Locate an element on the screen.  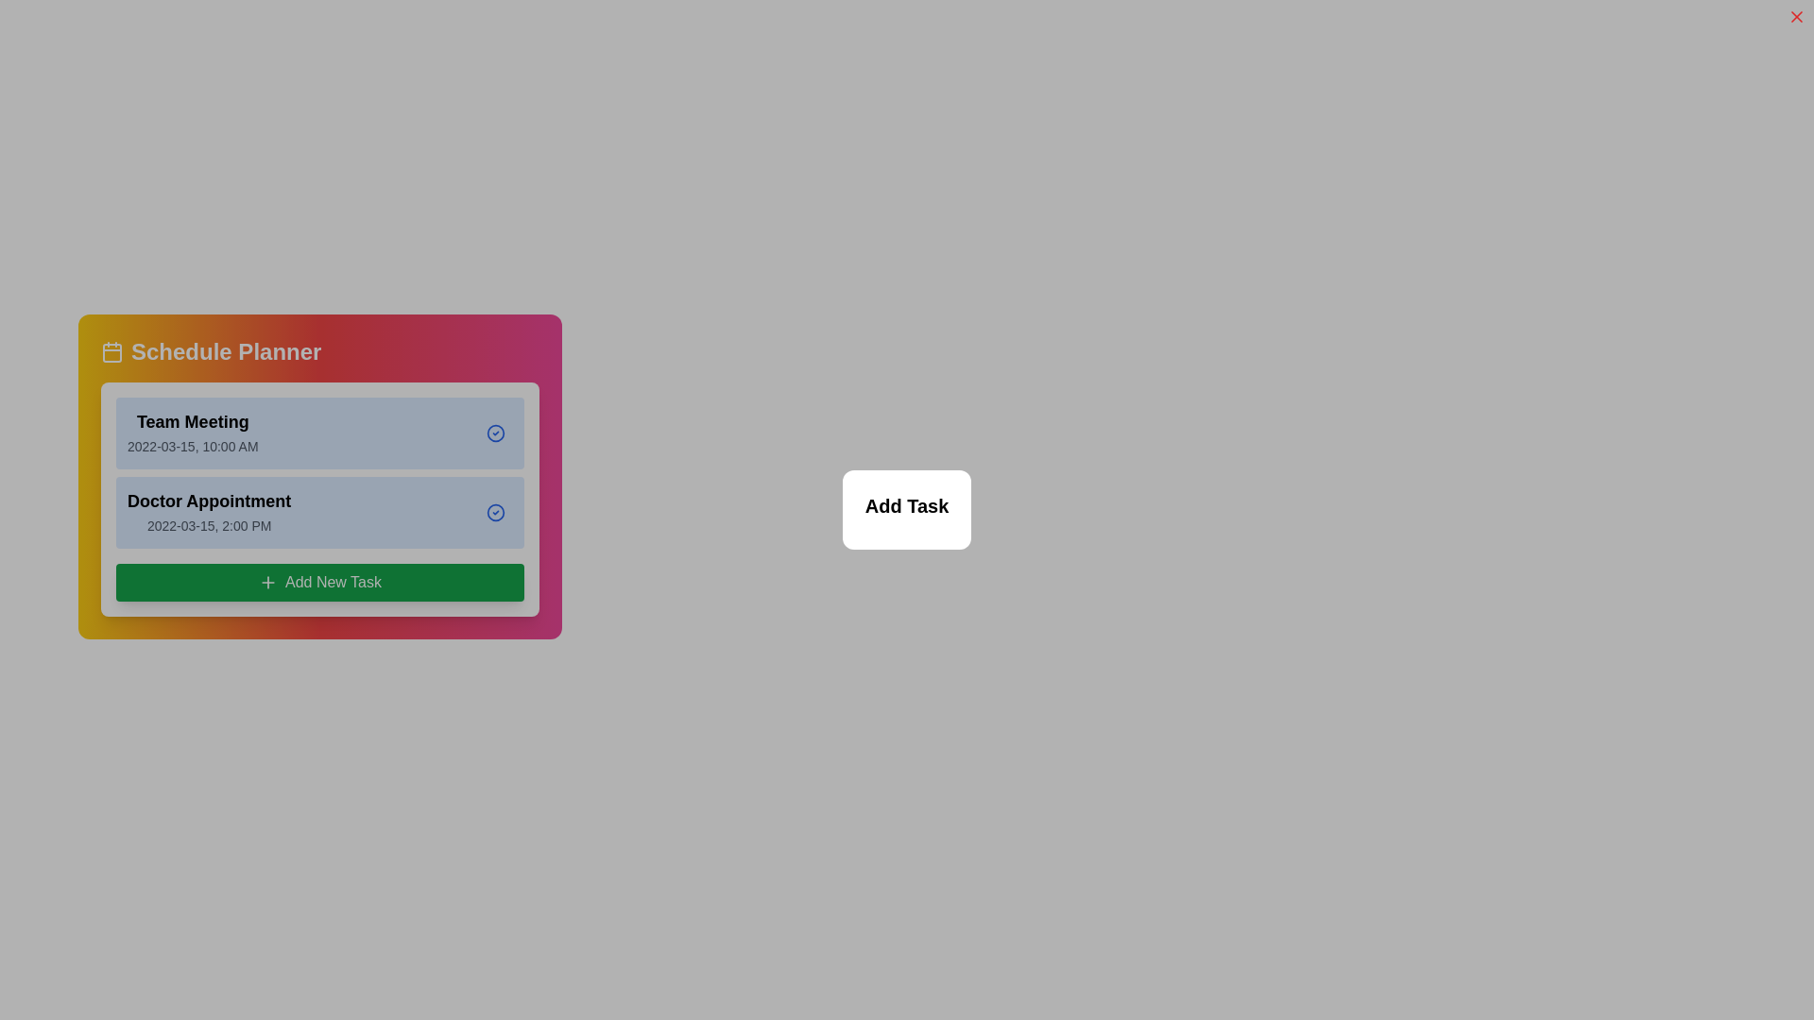
the static text label displaying the date and time information for the 'Team Meeting' event, located beneath the main title 'Team Meeting' is located at coordinates (193, 447).